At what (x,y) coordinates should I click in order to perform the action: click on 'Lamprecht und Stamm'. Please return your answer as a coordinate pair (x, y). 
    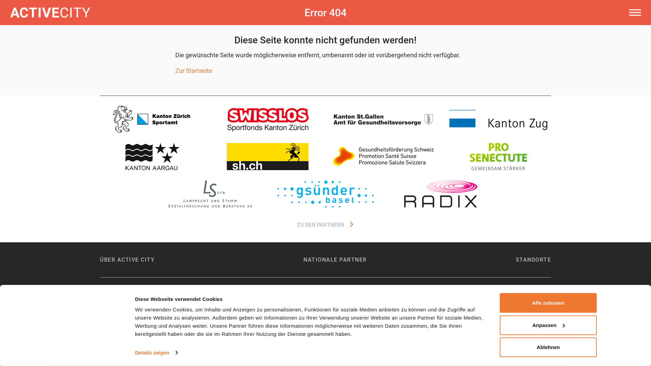
    Looking at the image, I should click on (210, 194).